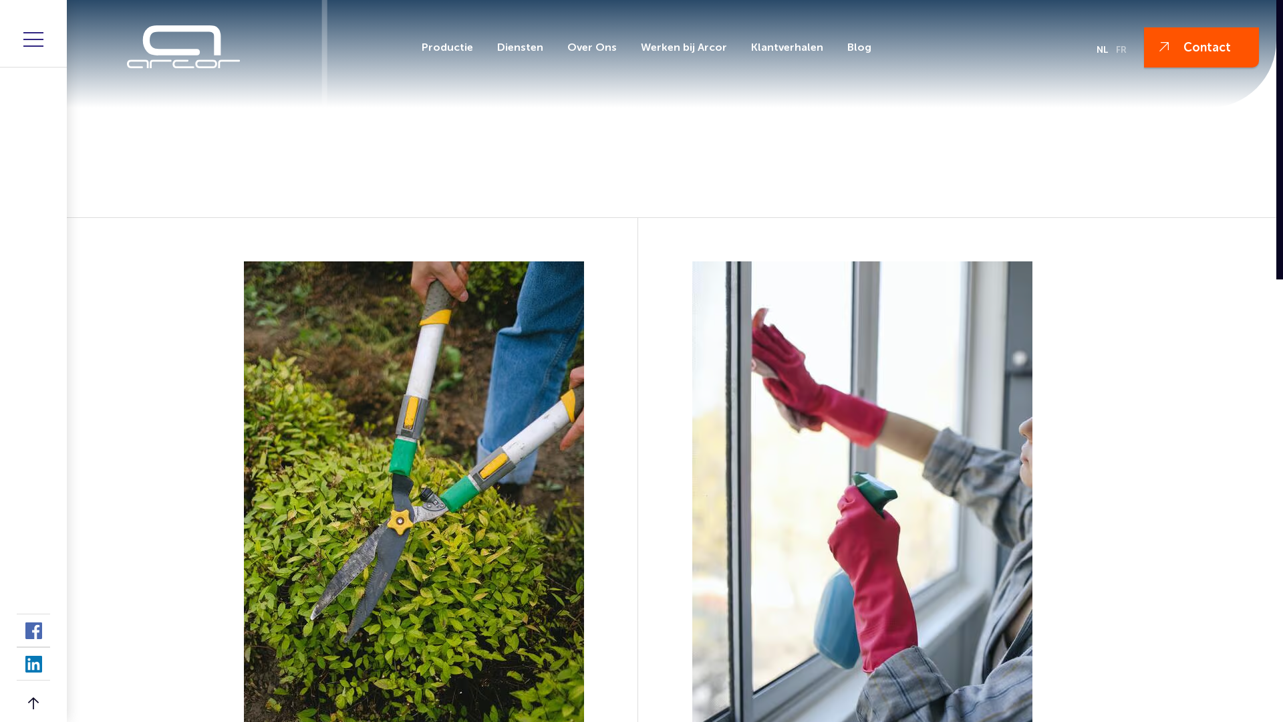 This screenshot has width=1283, height=722. Describe the element at coordinates (559, 46) in the screenshot. I see `'Over Ons'` at that location.